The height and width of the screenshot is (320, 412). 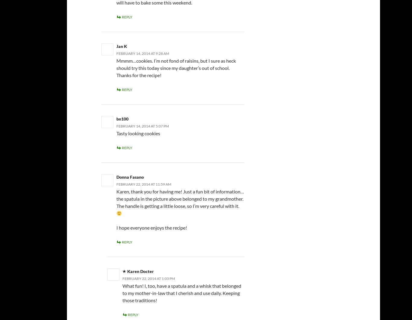 I want to click on 'February 14, 2014 at 9:28 am', so click(x=143, y=53).